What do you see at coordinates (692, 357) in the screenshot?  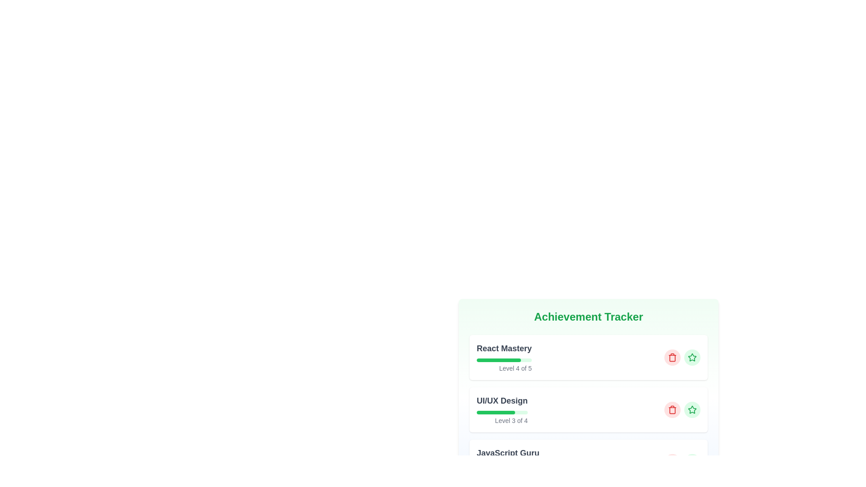 I see `the second button in the 'Achievement Tracker' section next to the 'React Mastery' course item` at bounding box center [692, 357].